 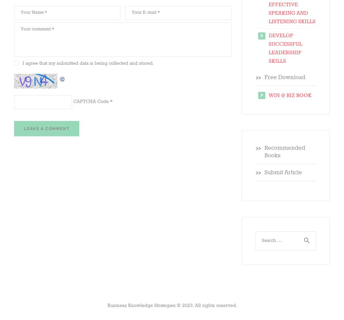 I want to click on 'Recommended Books', so click(x=284, y=152).